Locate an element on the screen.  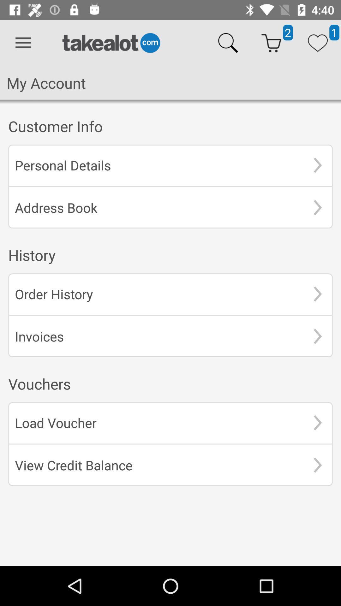
the icon above my account item is located at coordinates (23, 43).